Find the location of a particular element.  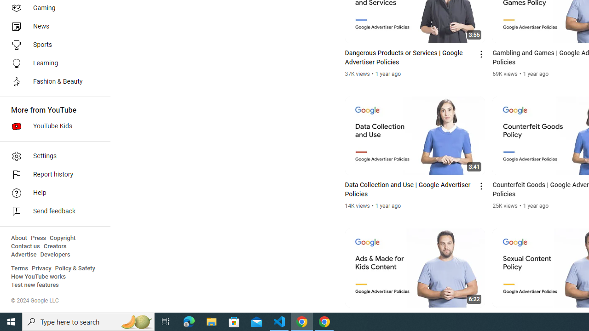

'Learning' is located at coordinates (52, 63).